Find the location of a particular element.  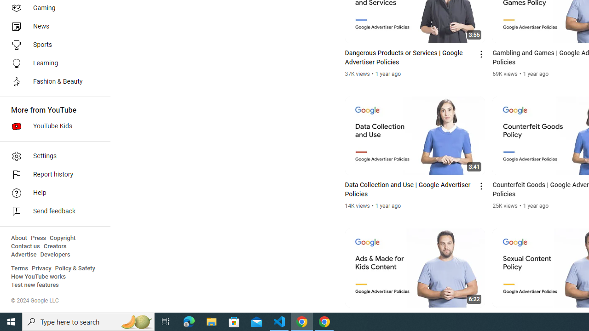

'Learning' is located at coordinates (52, 63).